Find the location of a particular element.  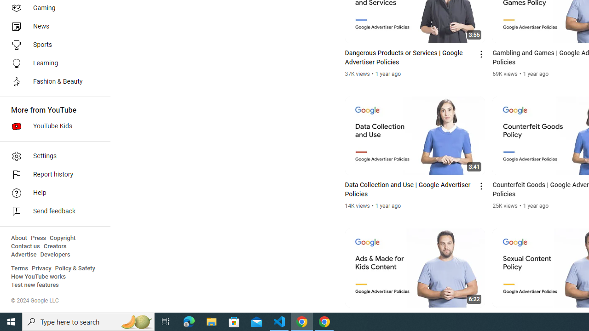

'Learning' is located at coordinates (52, 63).